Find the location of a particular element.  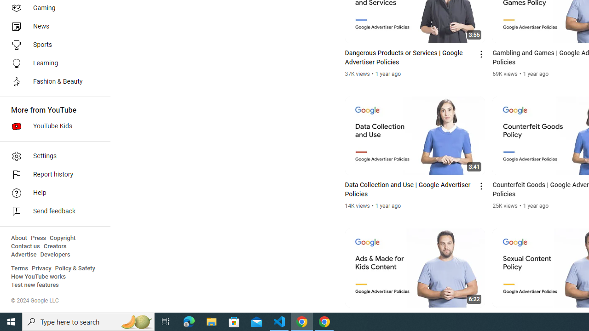

'Learning' is located at coordinates (52, 63).